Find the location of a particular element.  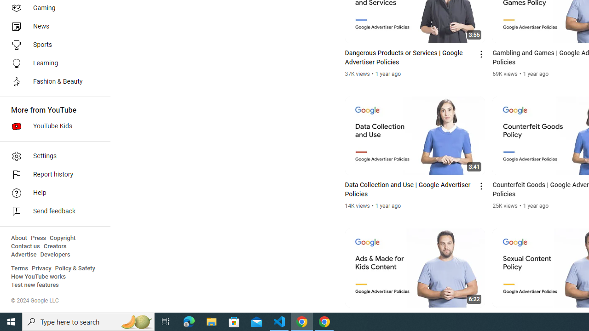

'Learning' is located at coordinates (52, 63).